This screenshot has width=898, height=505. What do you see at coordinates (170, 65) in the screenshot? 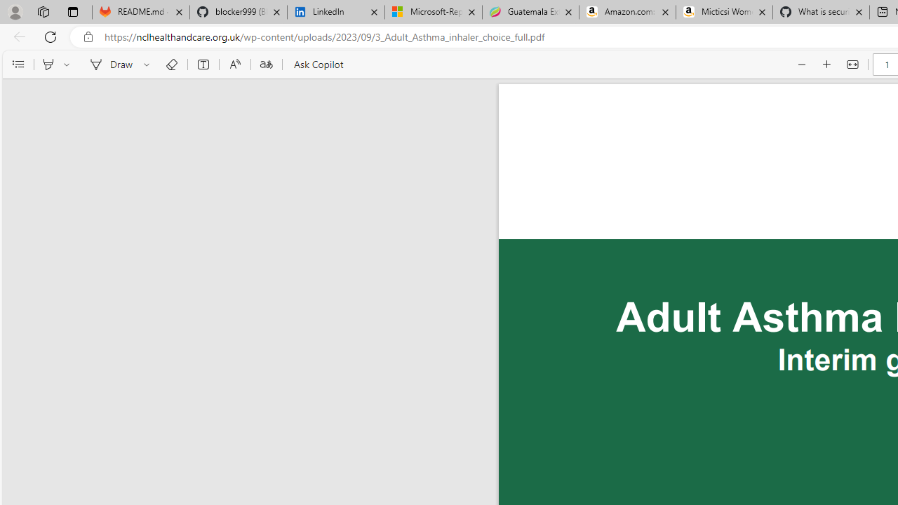
I see `'Erase'` at bounding box center [170, 65].